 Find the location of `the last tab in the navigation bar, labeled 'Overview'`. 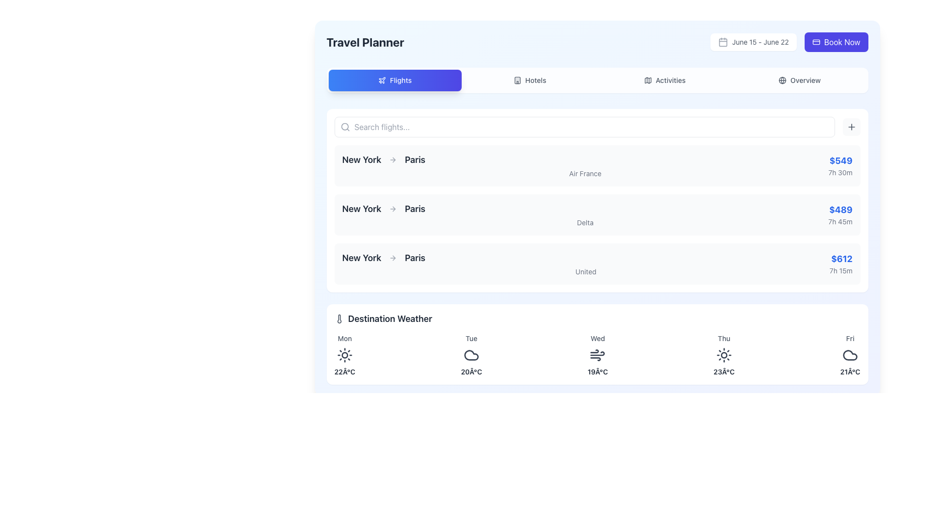

the last tab in the navigation bar, labeled 'Overview' is located at coordinates (800, 80).